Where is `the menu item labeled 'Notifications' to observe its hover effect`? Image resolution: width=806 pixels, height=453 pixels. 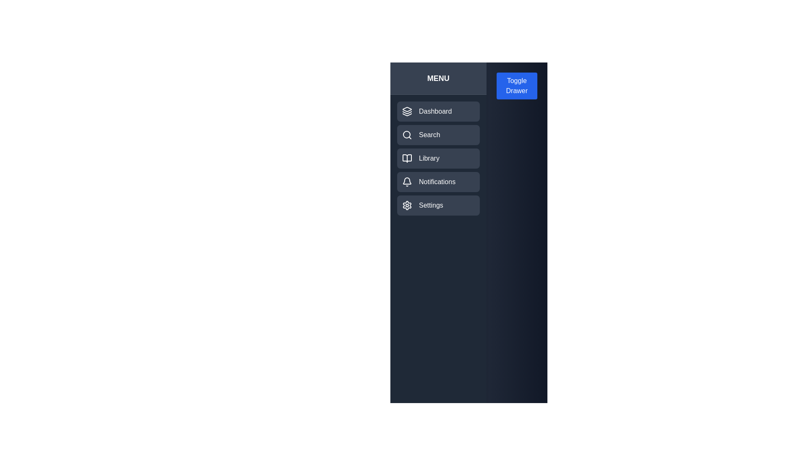
the menu item labeled 'Notifications' to observe its hover effect is located at coordinates (437, 182).